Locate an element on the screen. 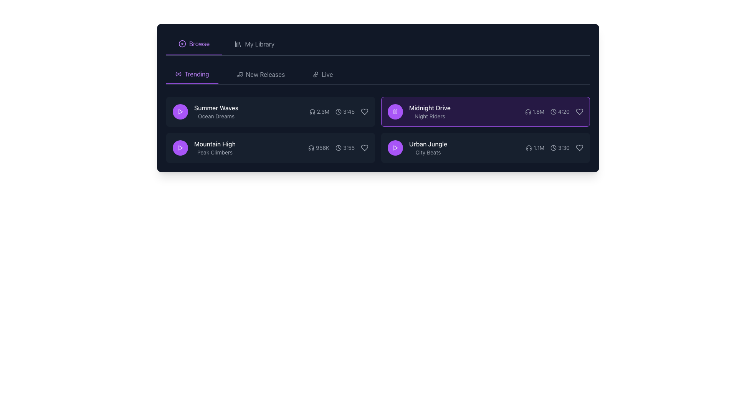 This screenshot has height=415, width=737. the Information display for the 'Mountain High' song entry, which features a headphones icon and displays '956K' is located at coordinates (319, 148).